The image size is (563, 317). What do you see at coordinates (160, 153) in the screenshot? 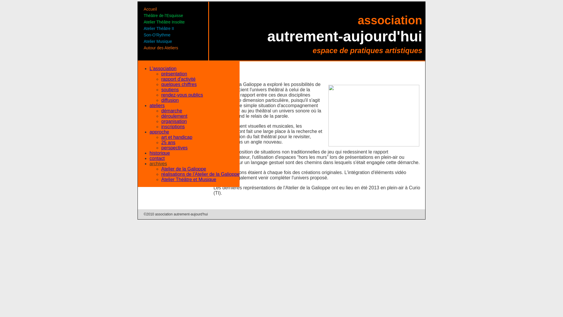
I see `'historique'` at bounding box center [160, 153].